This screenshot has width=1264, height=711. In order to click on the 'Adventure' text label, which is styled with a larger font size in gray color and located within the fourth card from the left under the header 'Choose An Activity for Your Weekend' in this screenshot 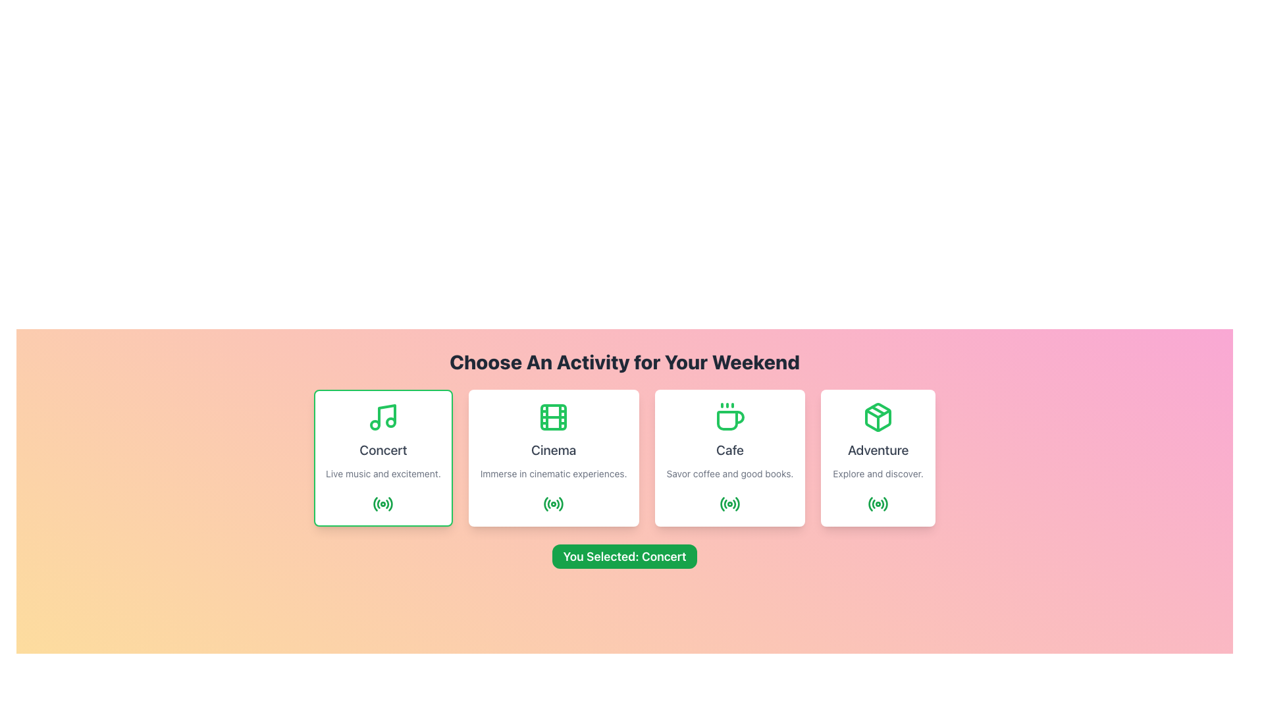, I will do `click(878, 449)`.